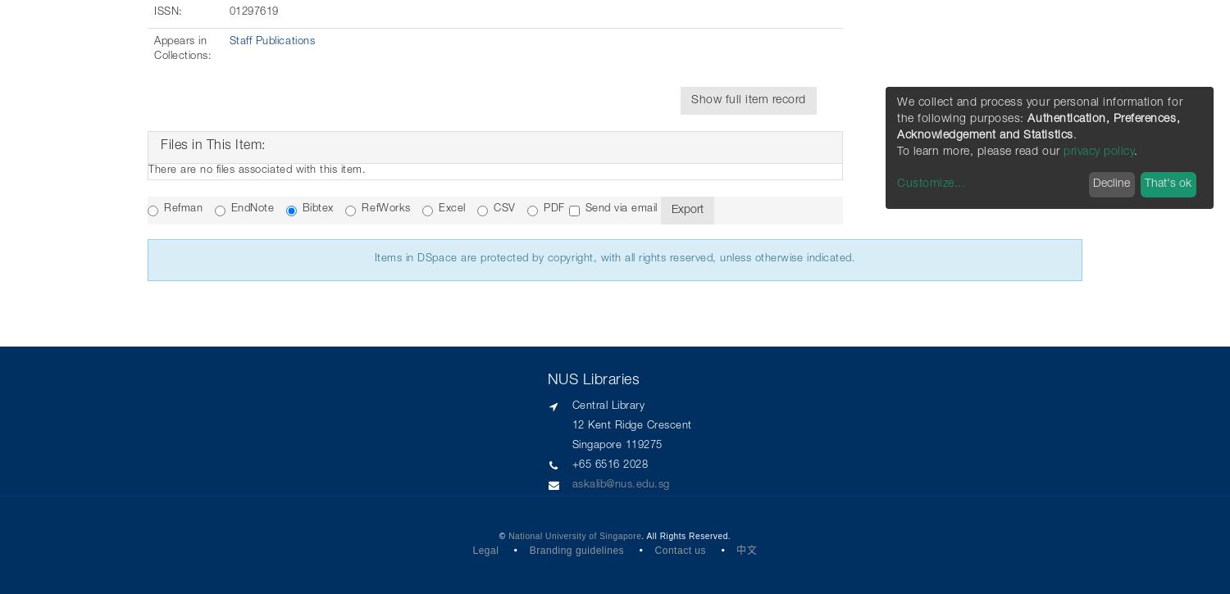 This screenshot has height=594, width=1230. Describe the element at coordinates (544, 209) in the screenshot. I see `'PDF'` at that location.